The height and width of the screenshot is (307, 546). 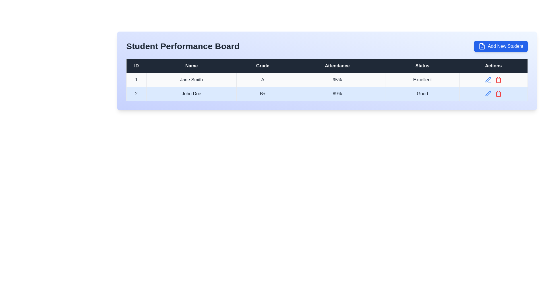 What do you see at coordinates (422, 94) in the screenshot?
I see `the static text element displaying 'Good' in the 'Status' column for student 'John Doe' on the Student Performance Board` at bounding box center [422, 94].